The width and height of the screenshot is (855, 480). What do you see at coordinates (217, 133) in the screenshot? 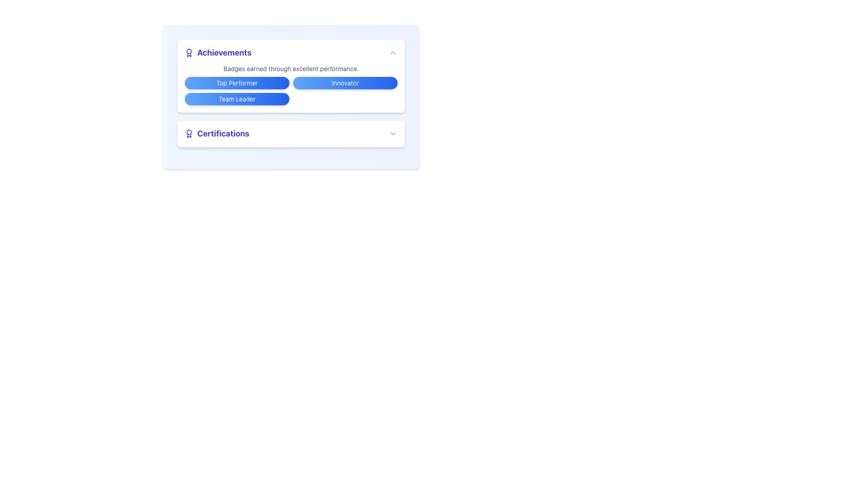
I see `the Header element located beneath the 'Achievements' section` at bounding box center [217, 133].